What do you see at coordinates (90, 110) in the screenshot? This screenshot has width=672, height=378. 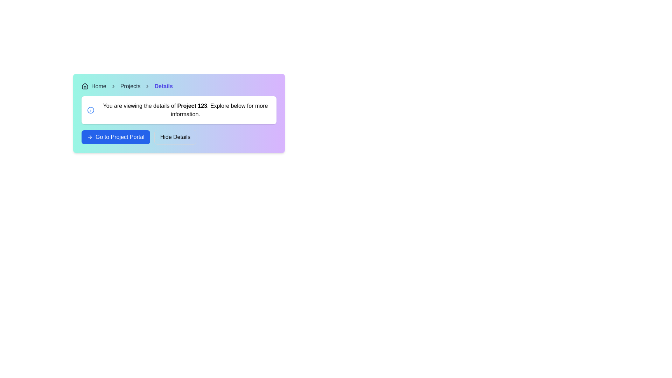 I see `the circular graphical element that serves as part of an icon representing information or status, located to the left of a descriptive text message in a card-like UI section` at bounding box center [90, 110].